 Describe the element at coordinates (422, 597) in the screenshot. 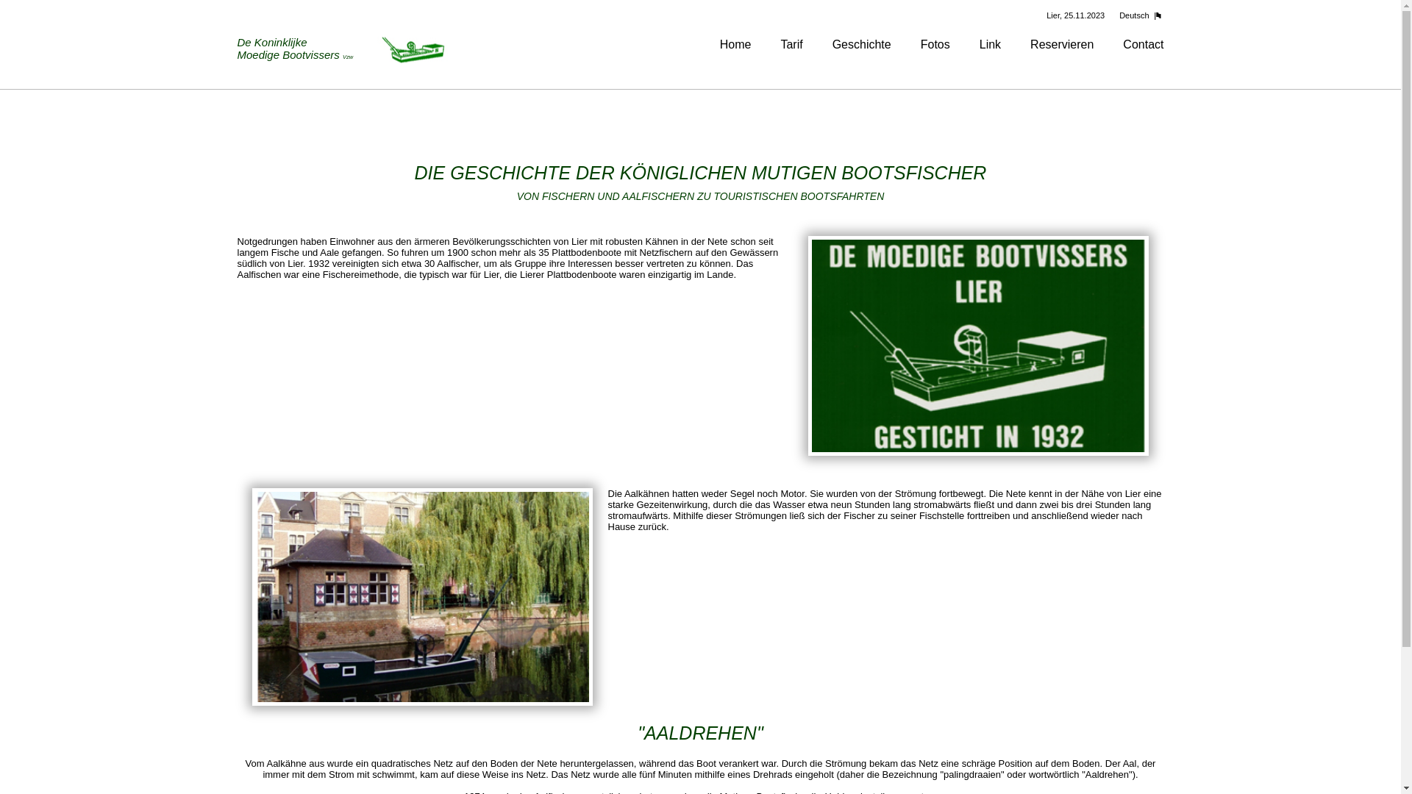

I see `'Een kijkje op een van de boten op de Nete'` at that location.